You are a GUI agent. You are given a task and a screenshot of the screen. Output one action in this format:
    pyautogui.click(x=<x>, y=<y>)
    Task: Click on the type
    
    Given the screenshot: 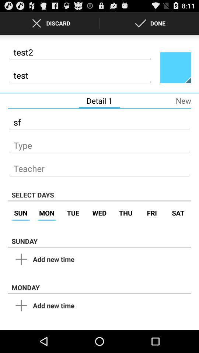 What is the action you would take?
    pyautogui.click(x=99, y=143)
    